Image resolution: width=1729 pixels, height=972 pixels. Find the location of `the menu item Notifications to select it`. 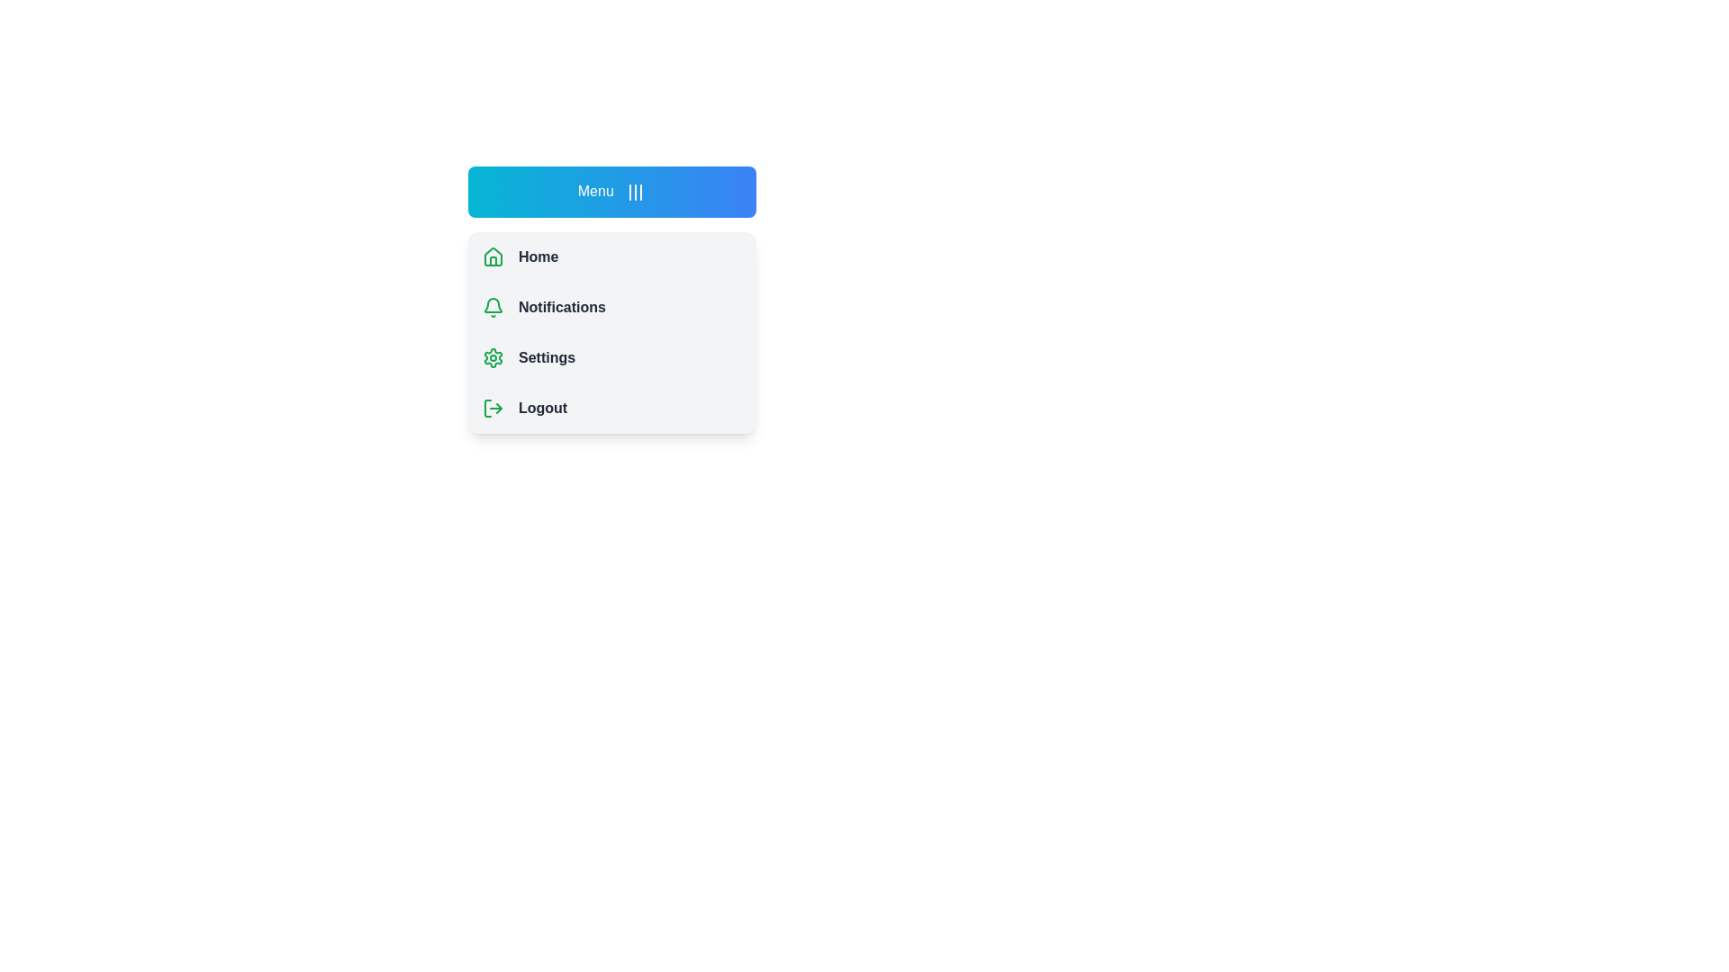

the menu item Notifications to select it is located at coordinates (612, 306).